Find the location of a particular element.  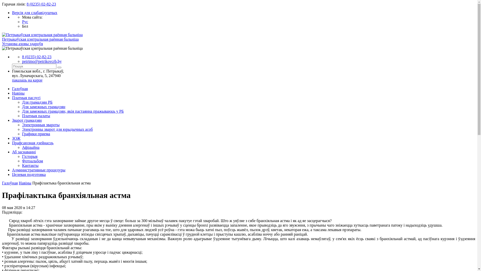

'8 (0235) 02-82-23' is located at coordinates (36, 56).